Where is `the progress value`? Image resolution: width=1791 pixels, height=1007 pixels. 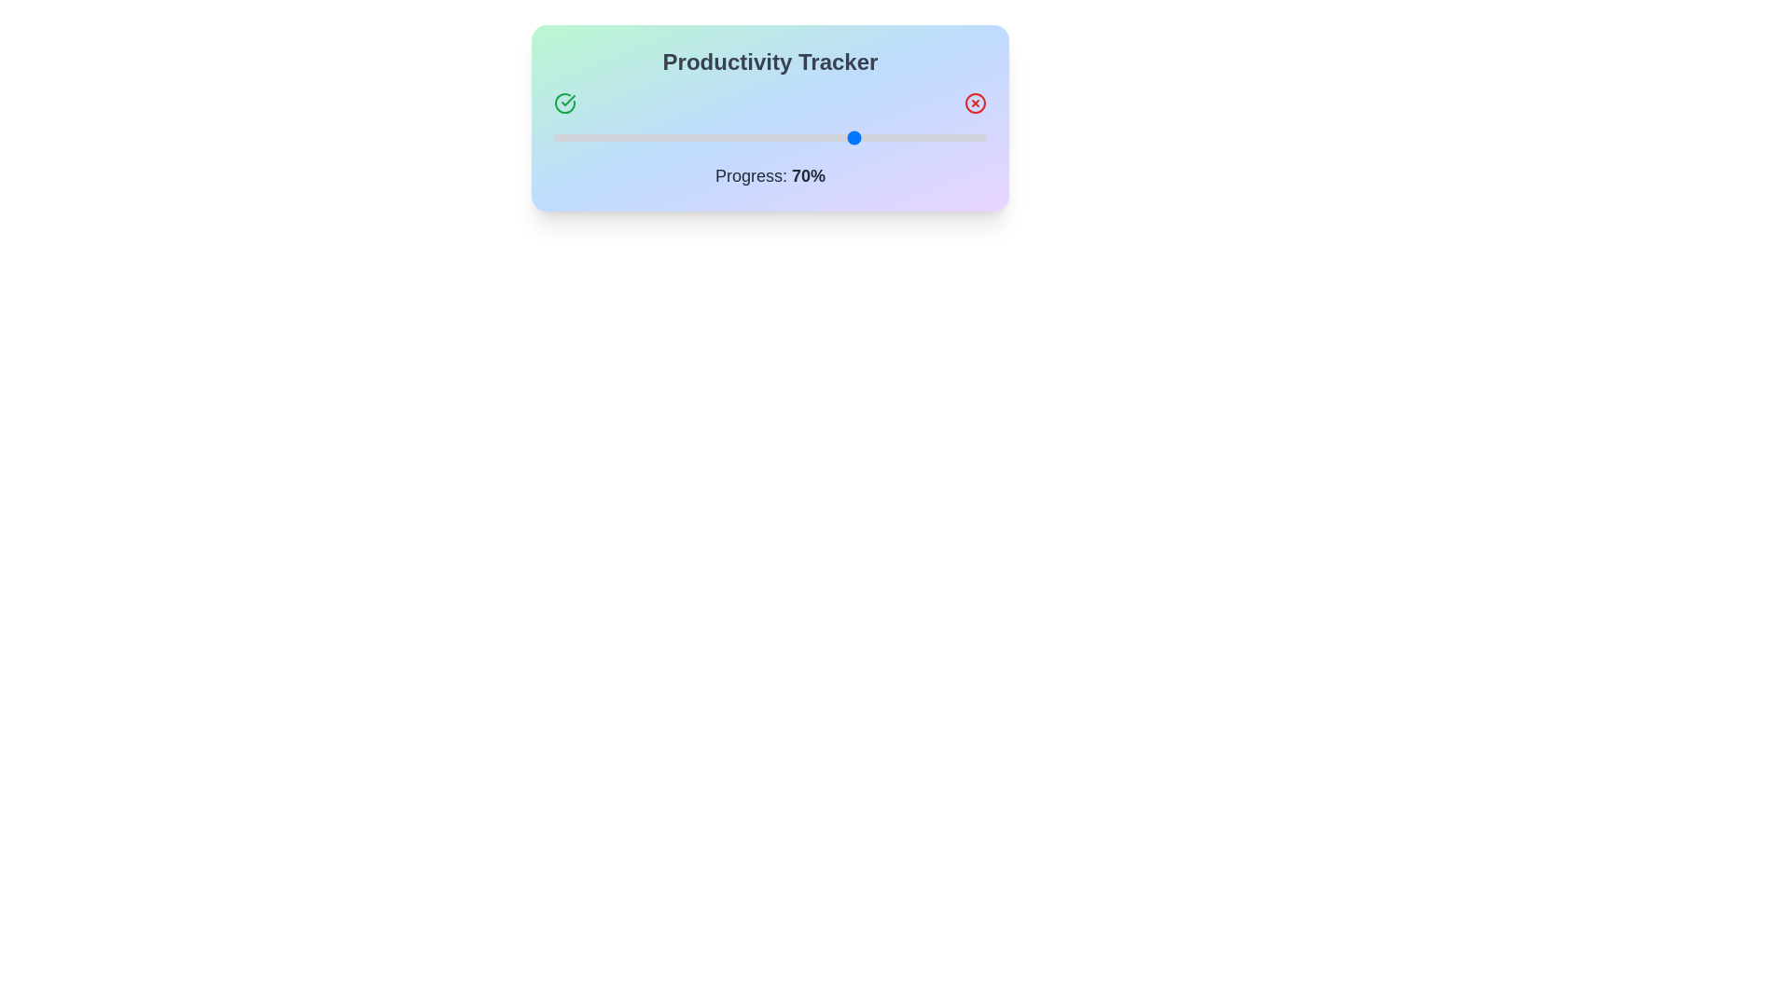
the progress value is located at coordinates (922, 136).